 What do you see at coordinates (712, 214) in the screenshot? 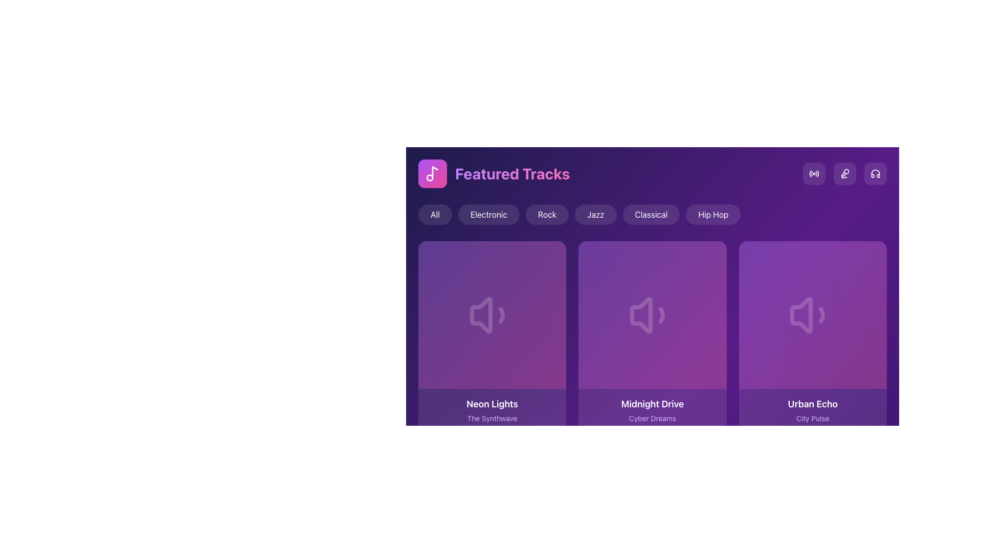
I see `the 'Hip Hop' button, which is the sixth button in the horizontal list of category buttons under the 'Featured Tracks' section, to filter content` at bounding box center [712, 214].